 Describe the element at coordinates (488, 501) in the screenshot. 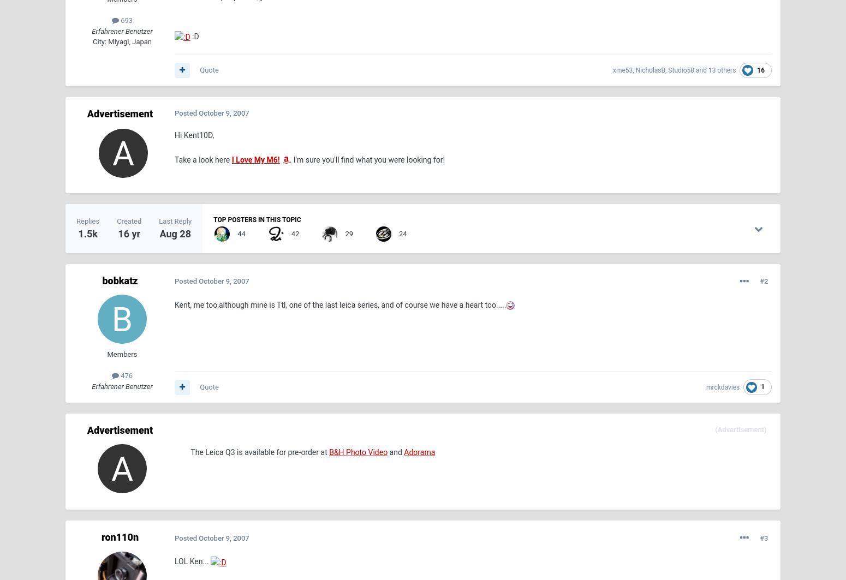

I see `'Fuji X Forum'` at that location.